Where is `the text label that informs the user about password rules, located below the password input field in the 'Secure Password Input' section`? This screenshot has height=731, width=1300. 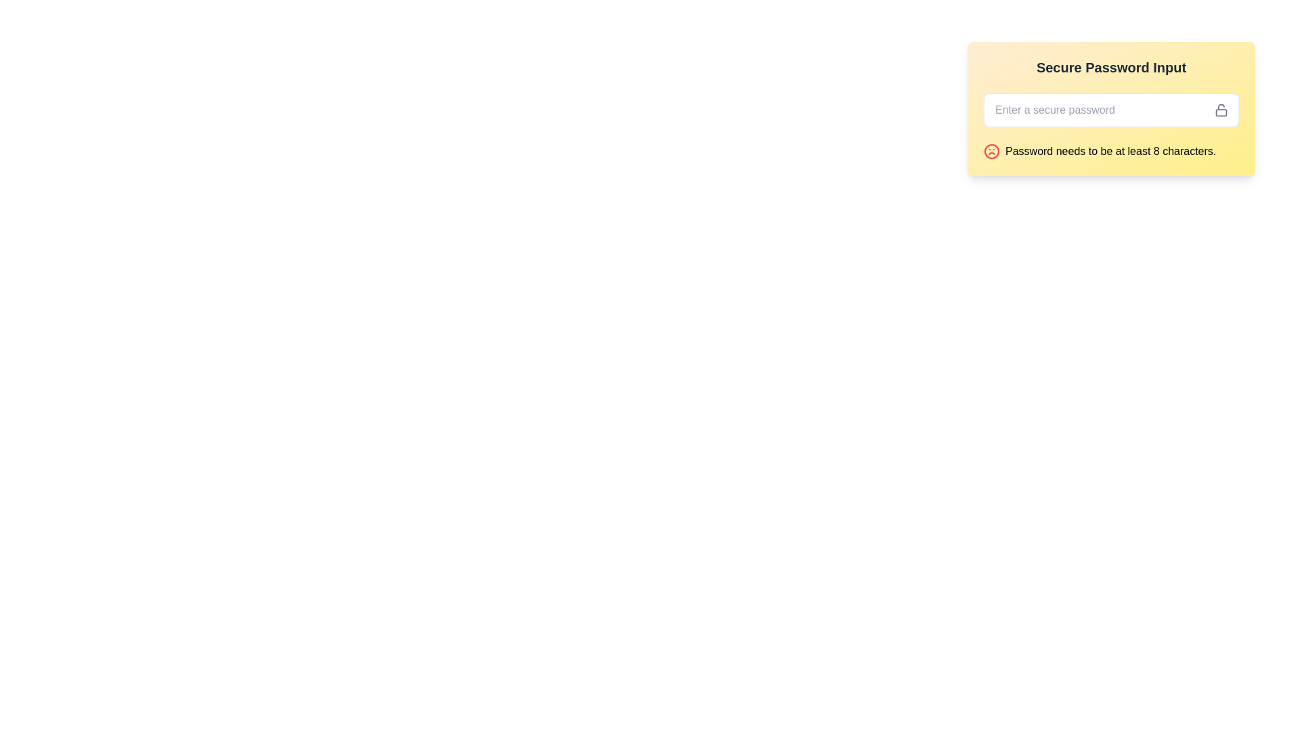
the text label that informs the user about password rules, located below the password input field in the 'Secure Password Input' section is located at coordinates (1110, 151).